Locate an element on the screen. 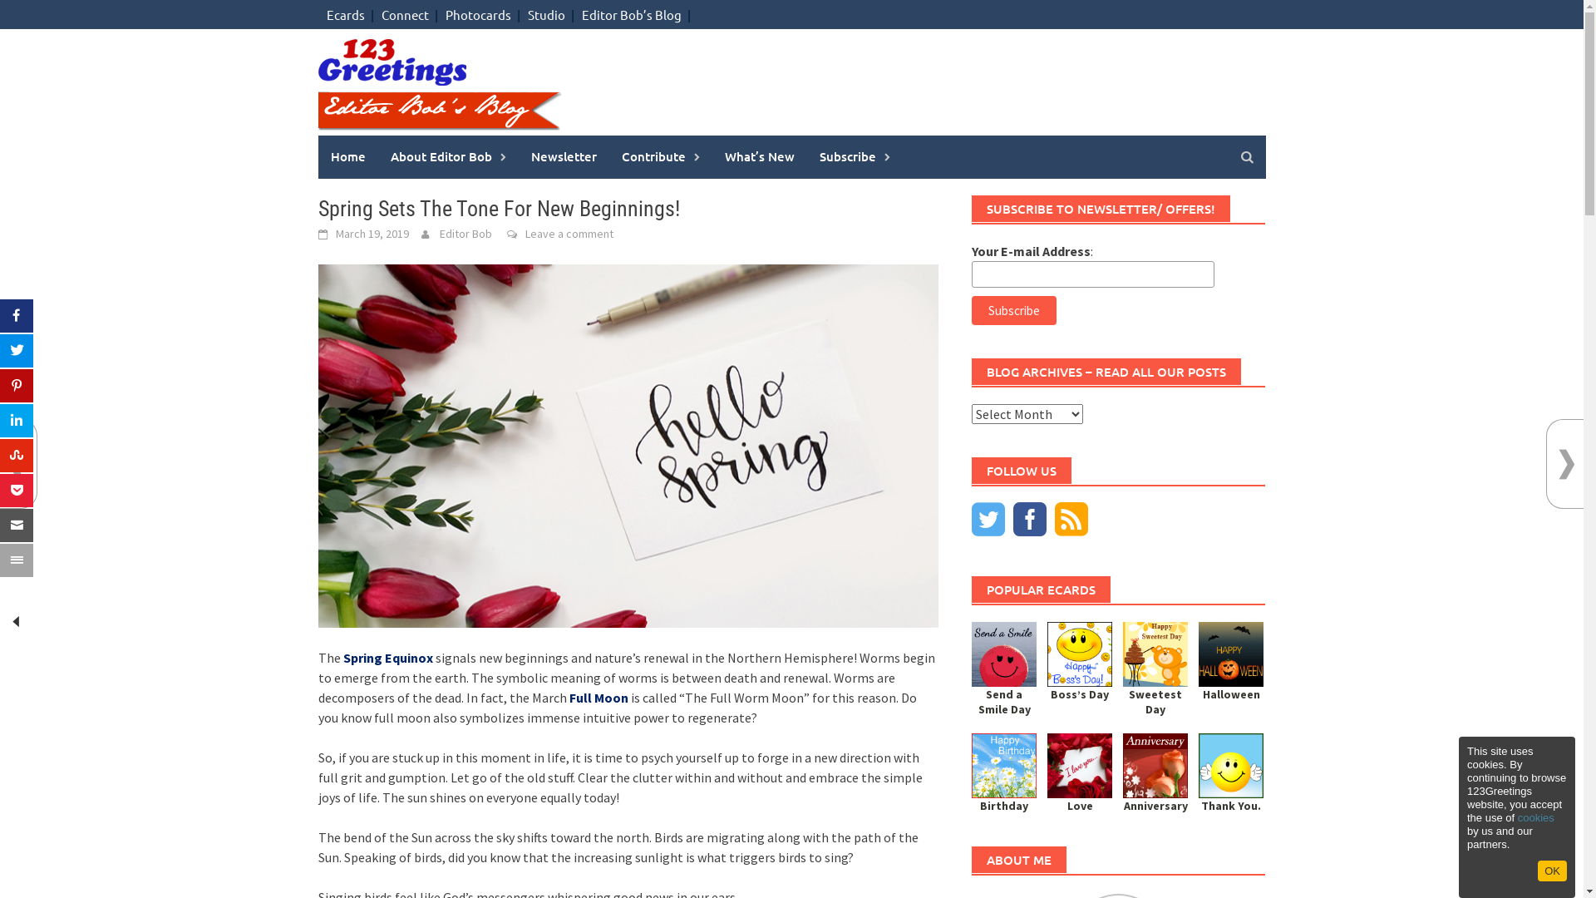  'Halloween' is located at coordinates (1231, 693).